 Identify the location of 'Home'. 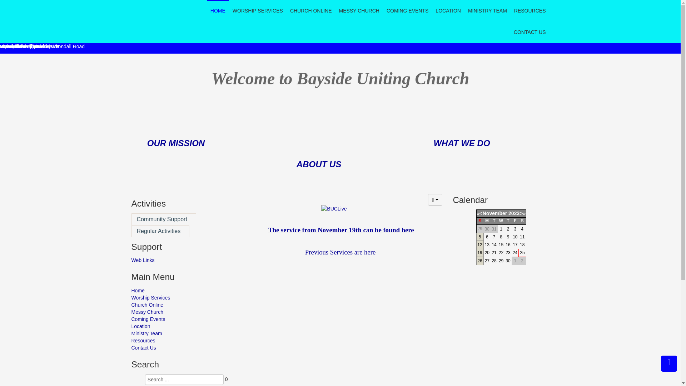
(180, 291).